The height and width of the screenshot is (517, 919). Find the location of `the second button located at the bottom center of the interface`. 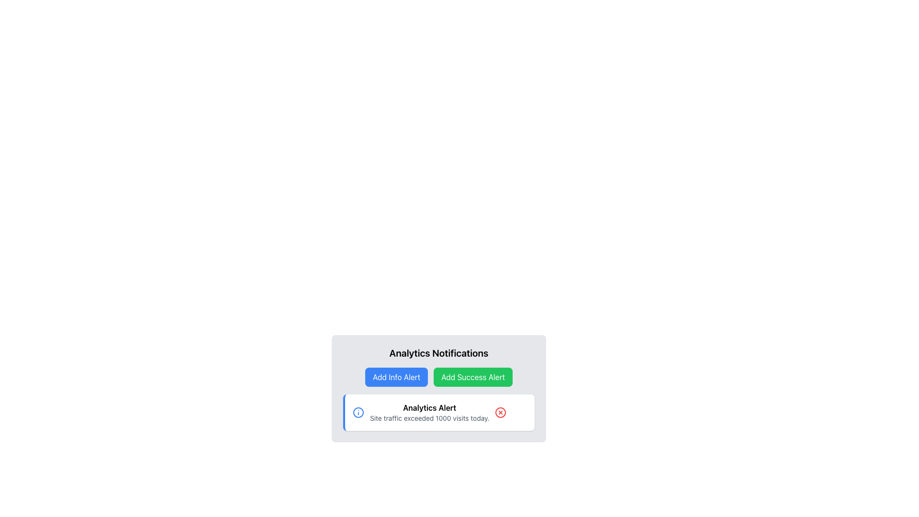

the second button located at the bottom center of the interface is located at coordinates (473, 376).